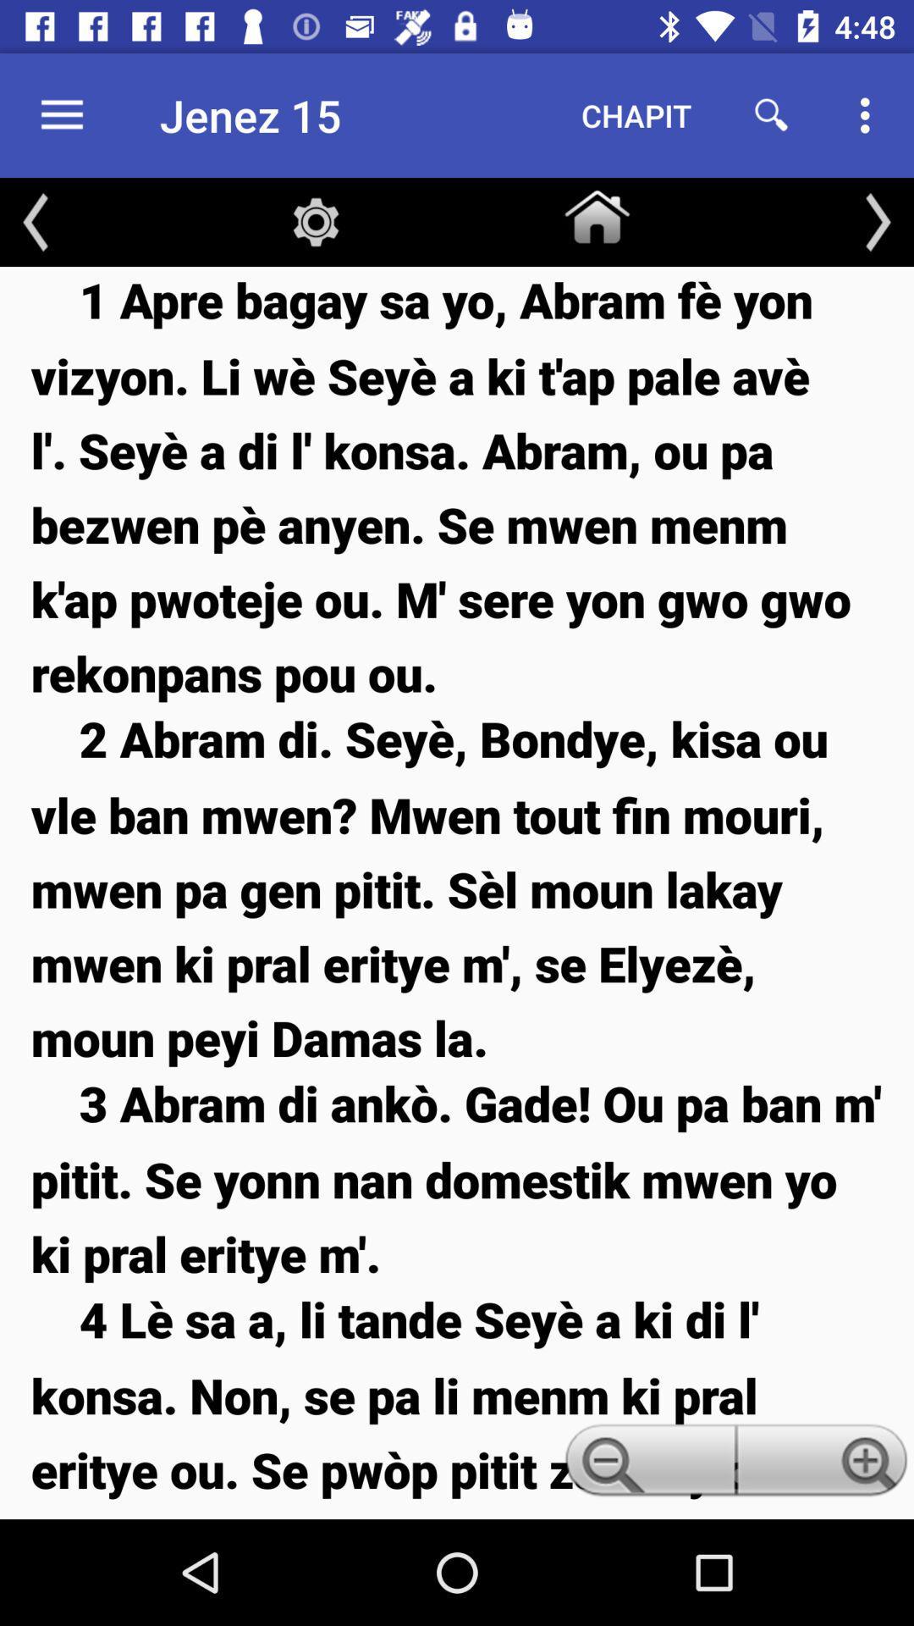 This screenshot has width=914, height=1626. I want to click on the home icon, so click(596, 213).